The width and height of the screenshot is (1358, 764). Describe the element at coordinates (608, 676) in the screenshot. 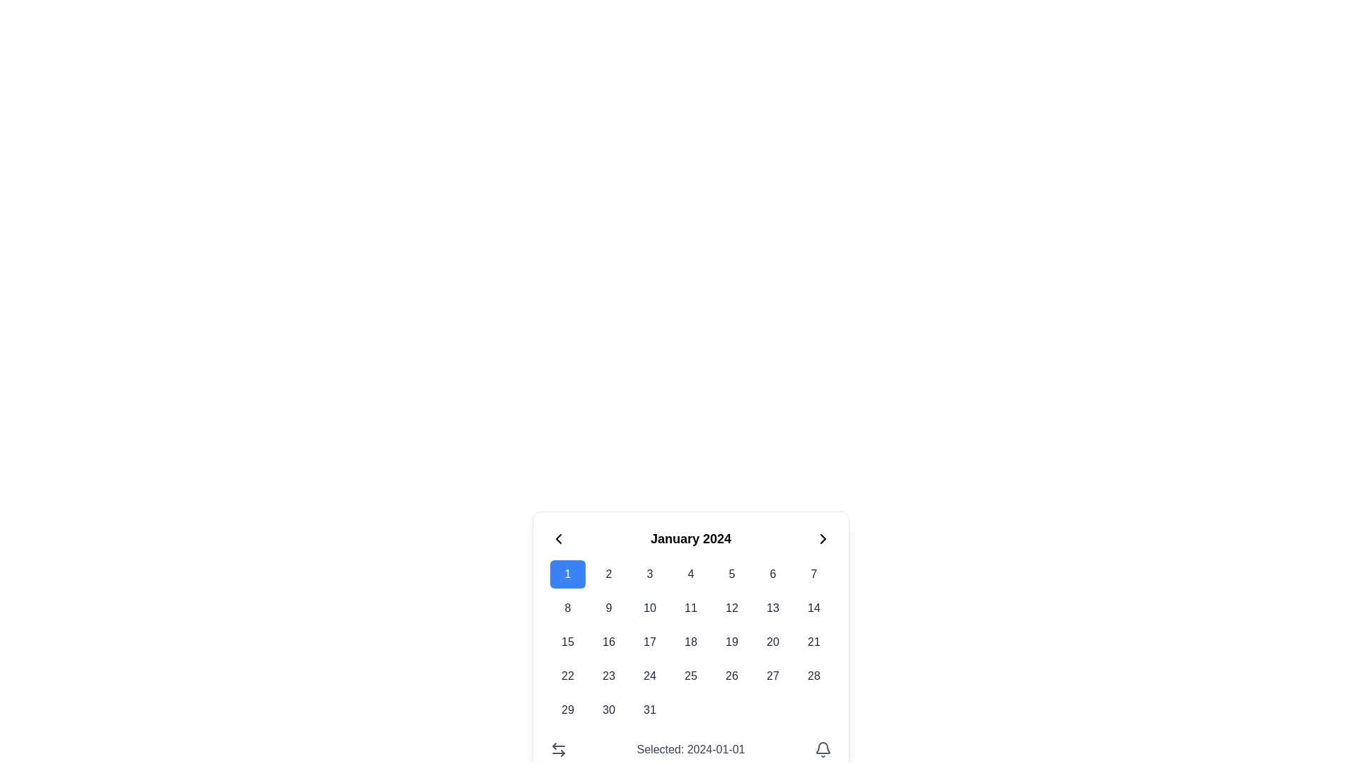

I see `the TextLabel displaying '23' in the fourth row and second column of the calendar grid` at that location.